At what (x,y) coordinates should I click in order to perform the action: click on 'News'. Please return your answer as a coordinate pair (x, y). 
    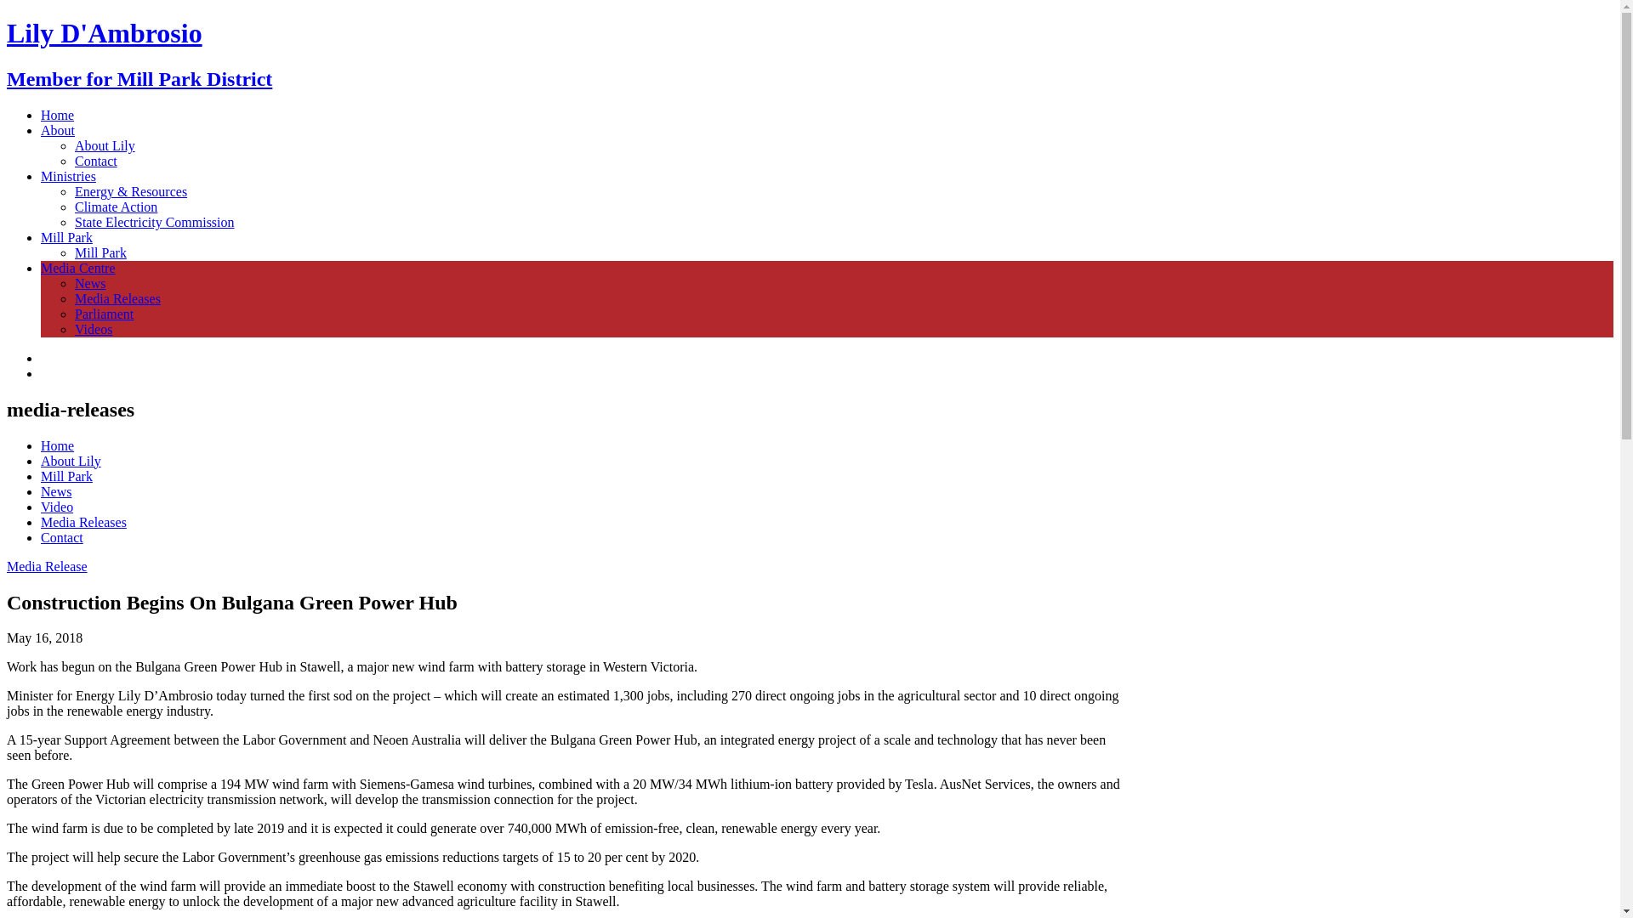
    Looking at the image, I should click on (88, 282).